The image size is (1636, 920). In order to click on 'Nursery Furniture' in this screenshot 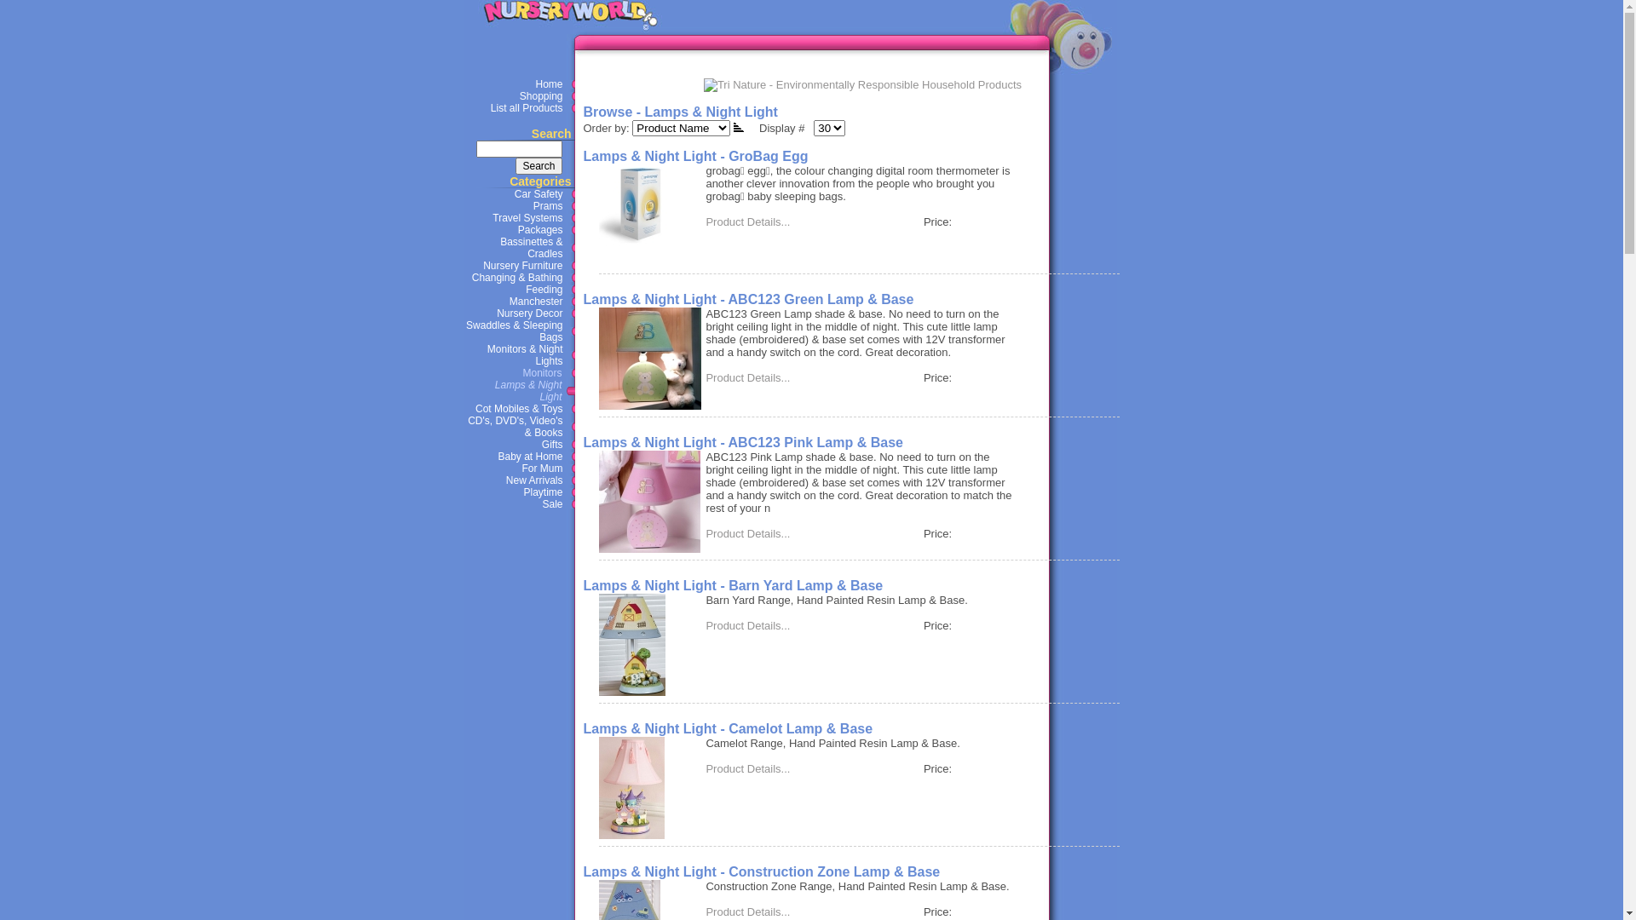, I will do `click(518, 266)`.